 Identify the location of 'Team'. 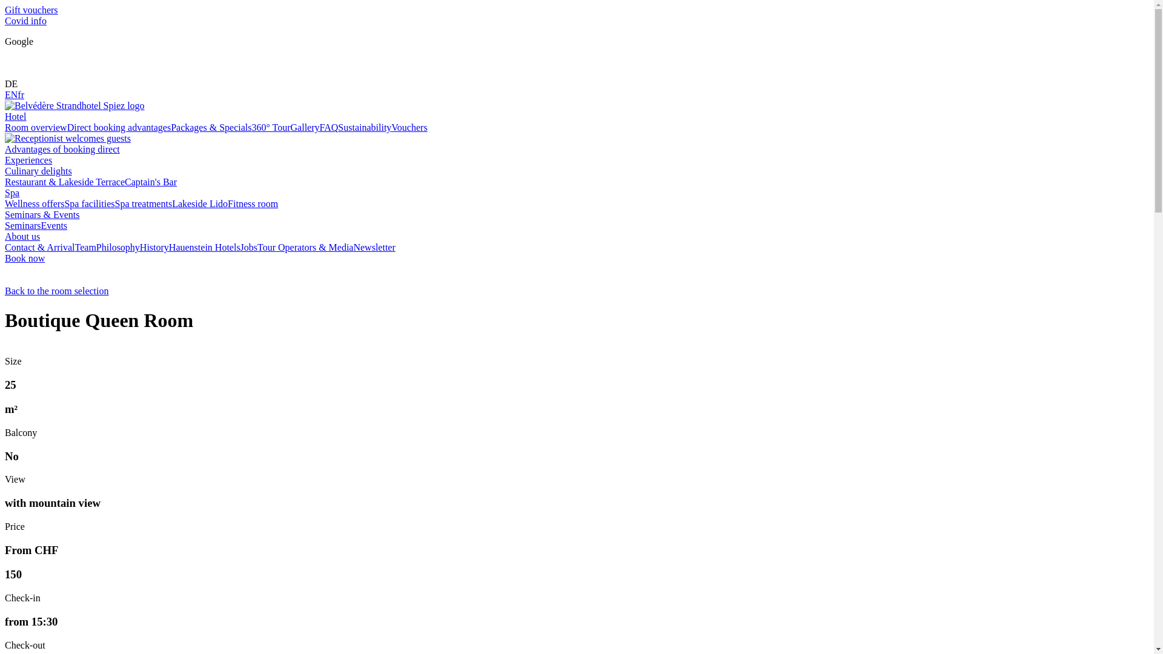
(85, 246).